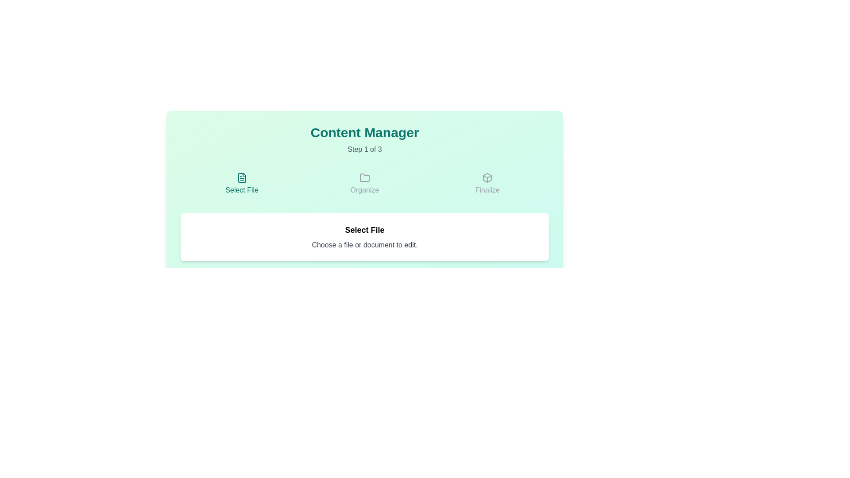 Image resolution: width=850 pixels, height=478 pixels. Describe the element at coordinates (242, 177) in the screenshot. I see `the green file icon representing the 'Select File' option` at that location.